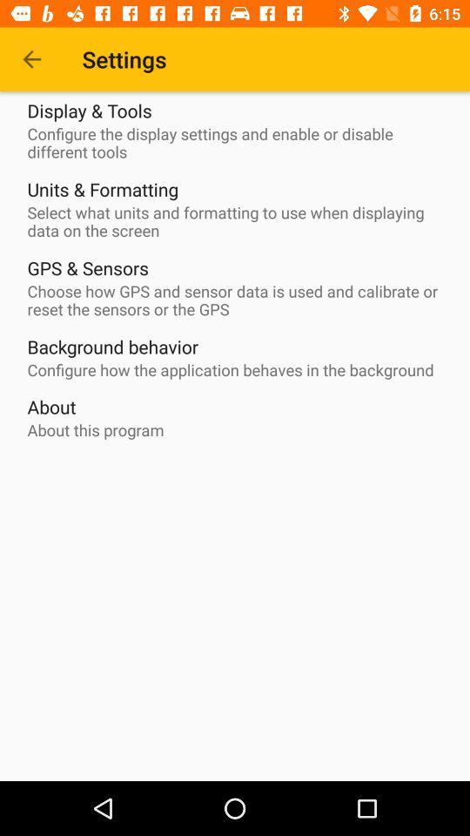  I want to click on background behavior icon, so click(112, 346).